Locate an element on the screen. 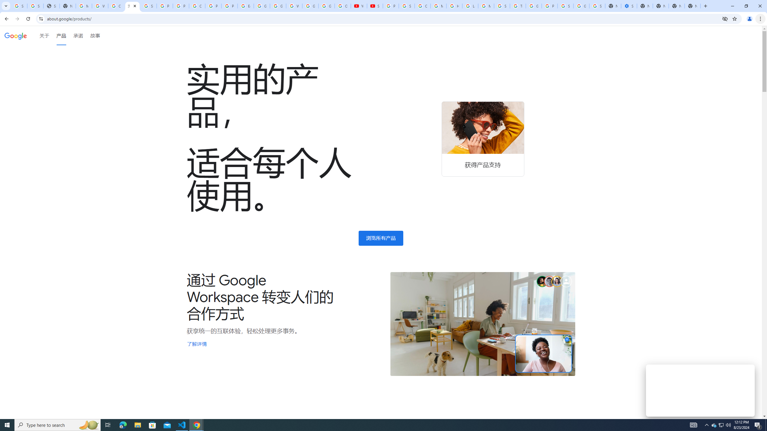 The image size is (767, 431). 'Google Slides: Sign-in' is located at coordinates (261, 6).